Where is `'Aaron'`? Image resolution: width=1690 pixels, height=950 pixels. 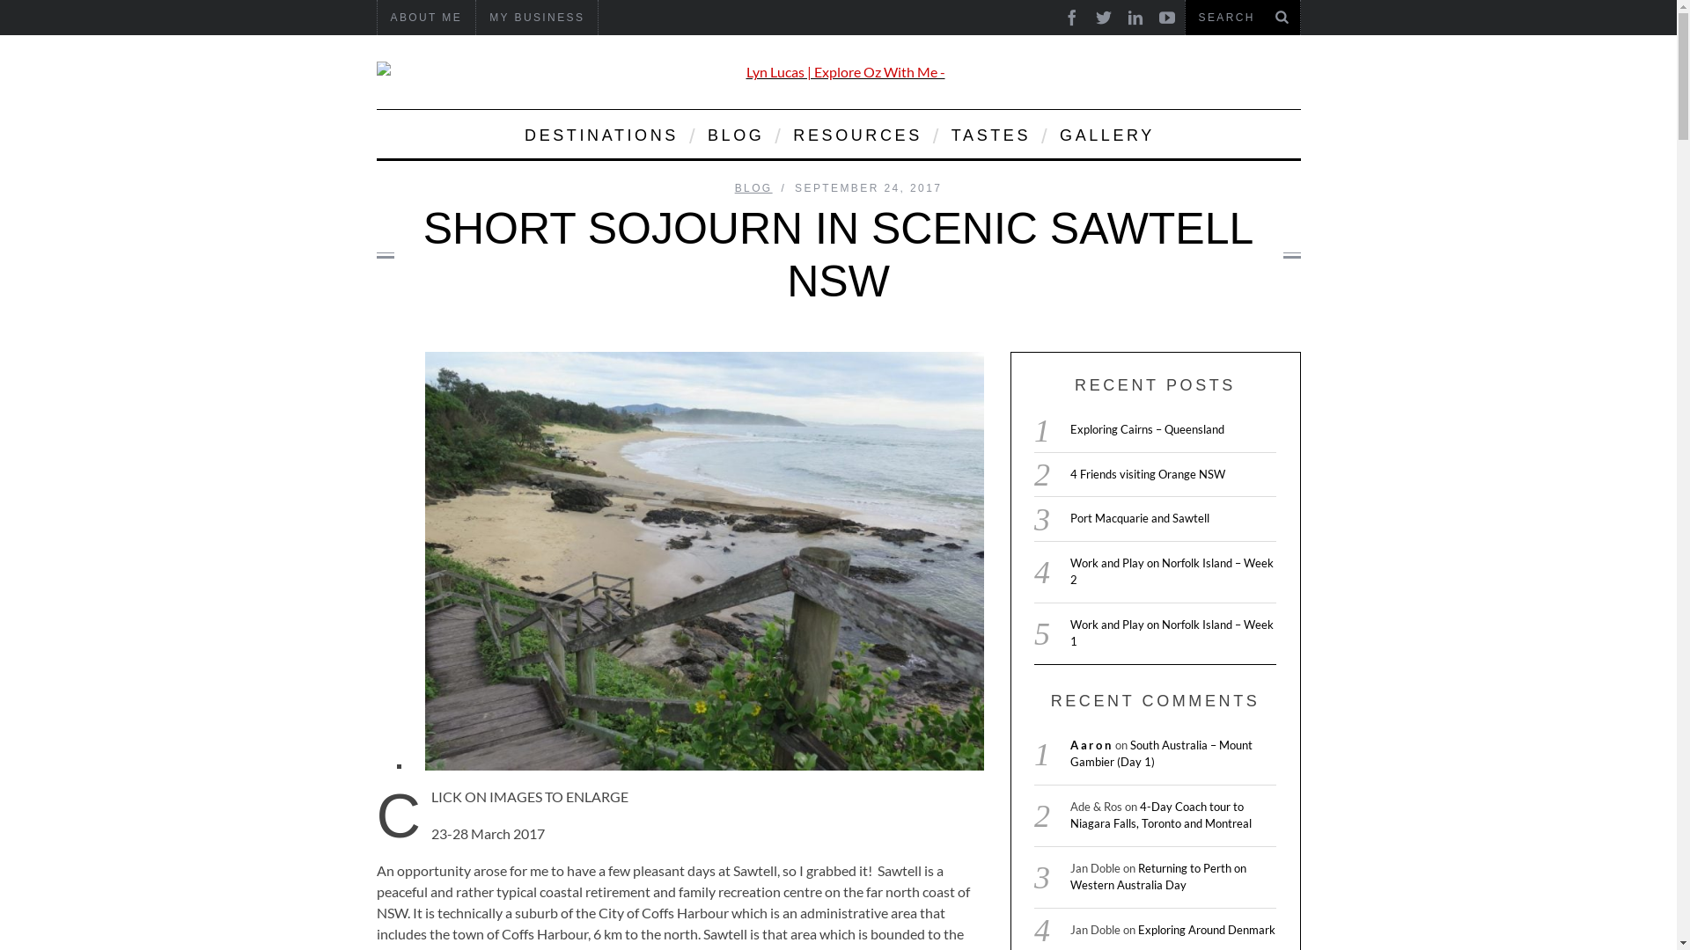 'Aaron' is located at coordinates (1069, 745).